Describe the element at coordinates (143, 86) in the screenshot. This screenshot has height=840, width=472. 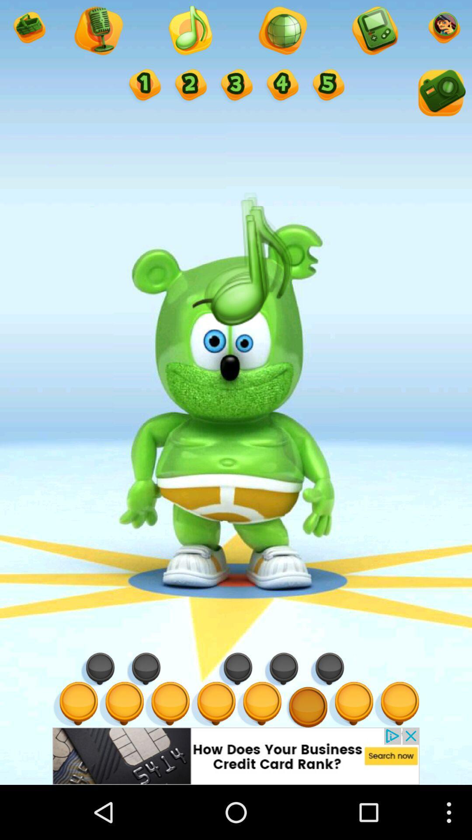
I see `one` at that location.